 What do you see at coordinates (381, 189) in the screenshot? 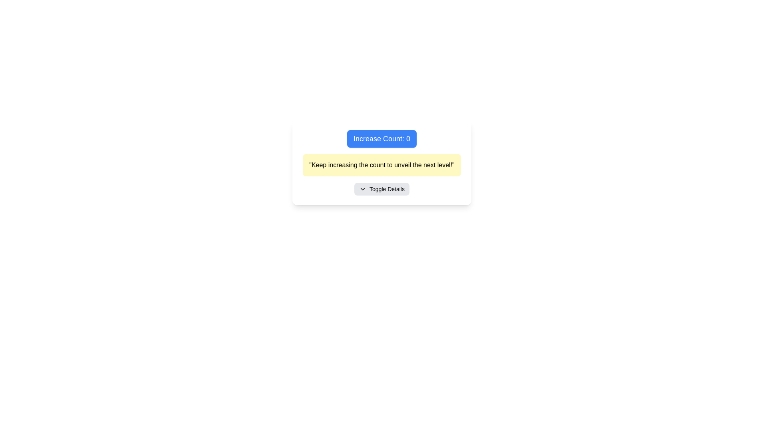
I see `the 'Toggle Details' button with a light gray background and rounded corners to observe hover effects` at bounding box center [381, 189].